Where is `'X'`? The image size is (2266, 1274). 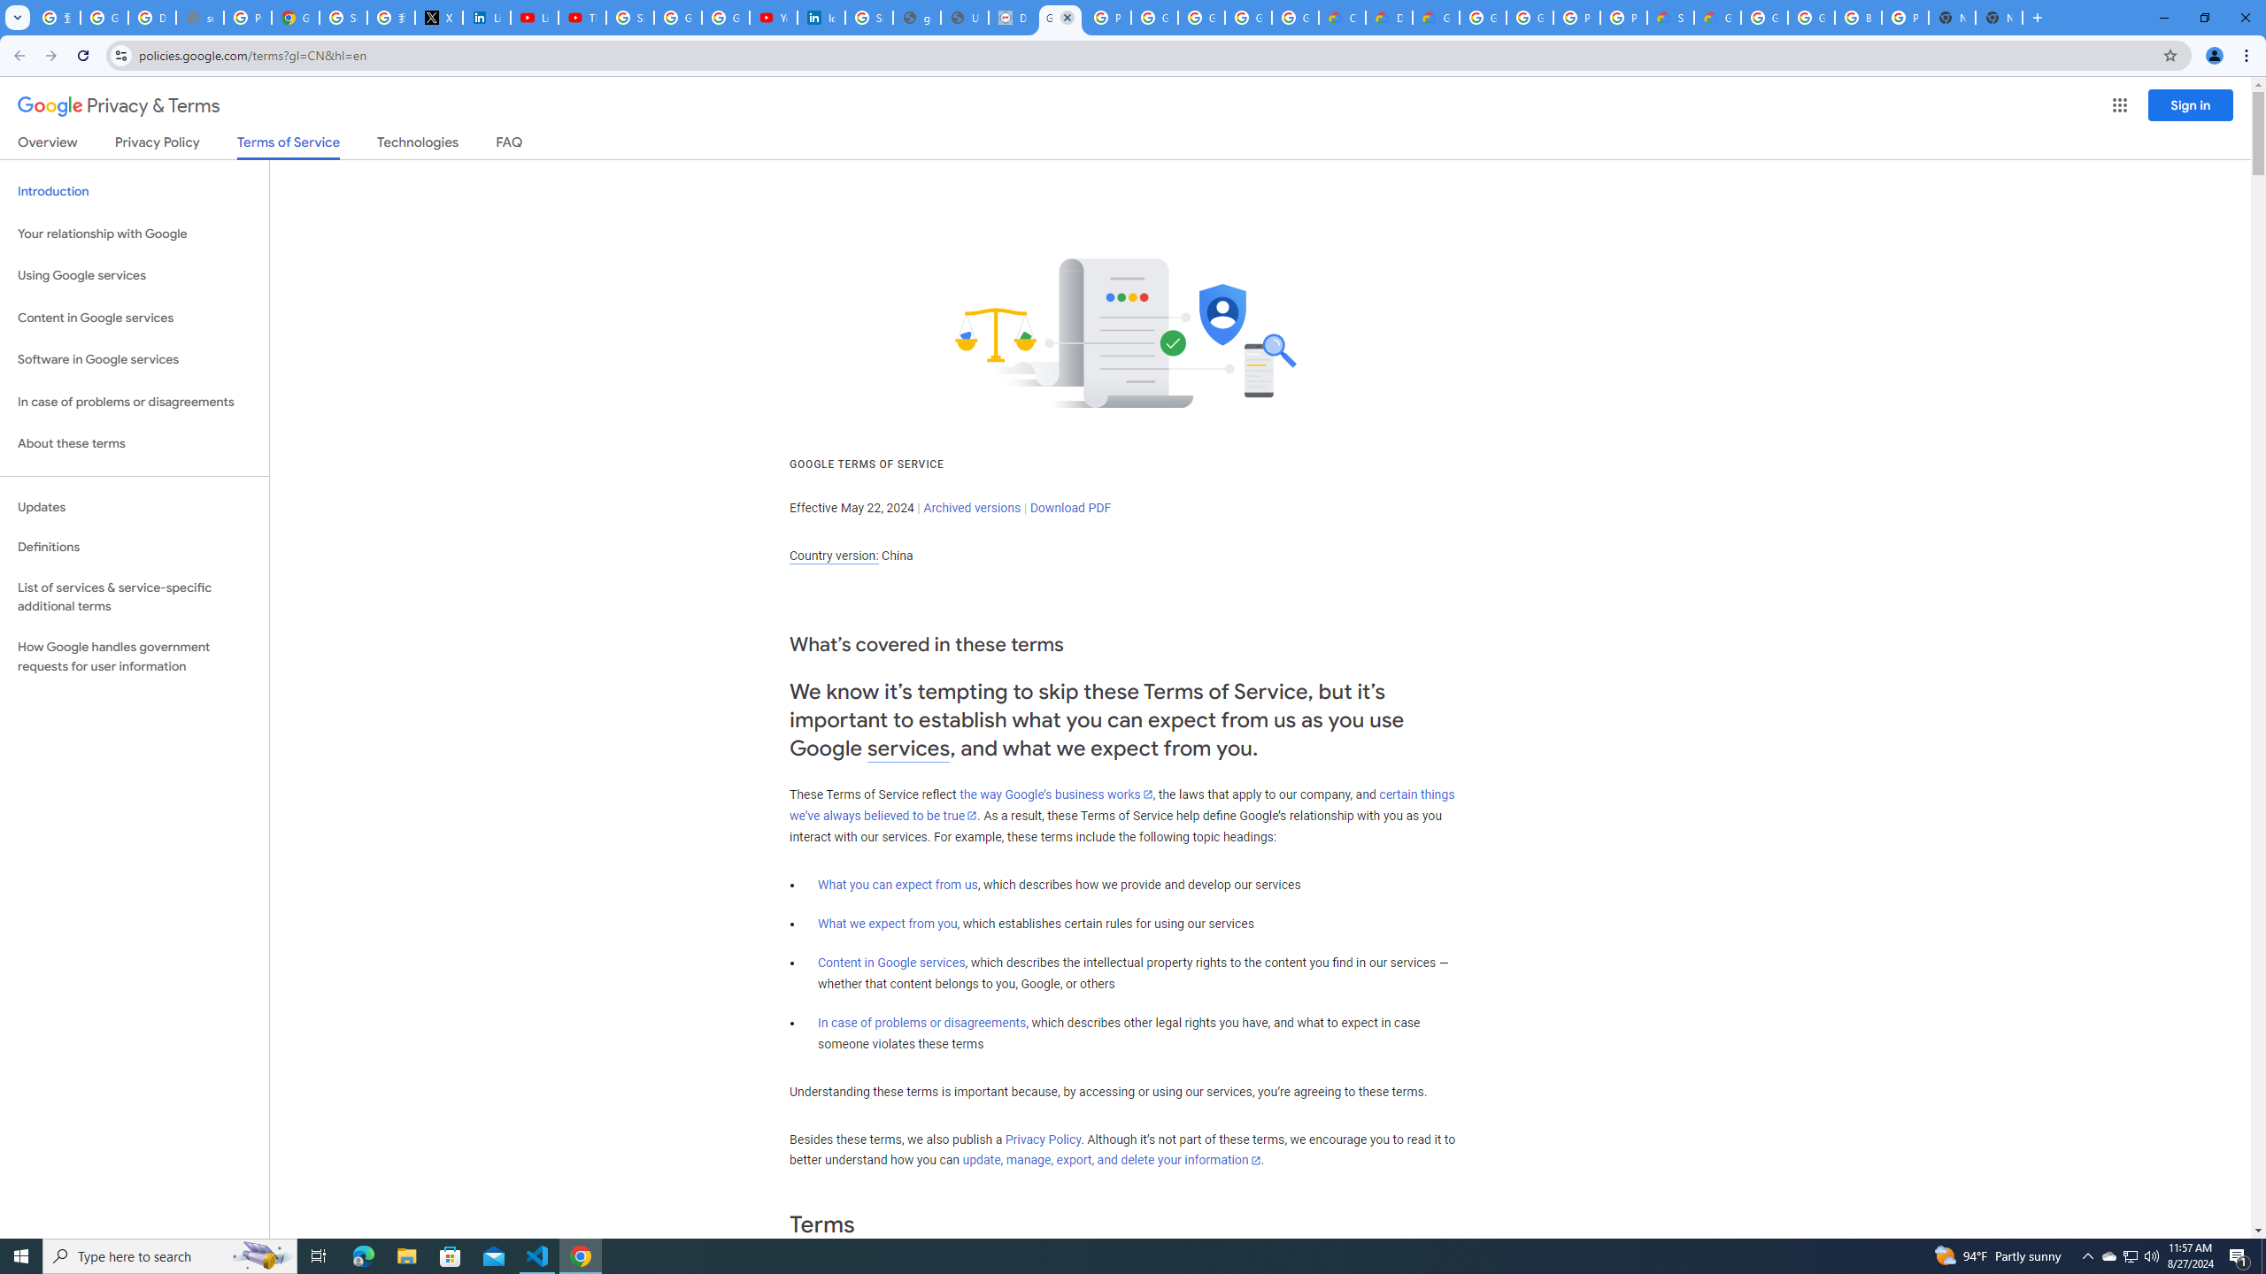 'X' is located at coordinates (439, 17).